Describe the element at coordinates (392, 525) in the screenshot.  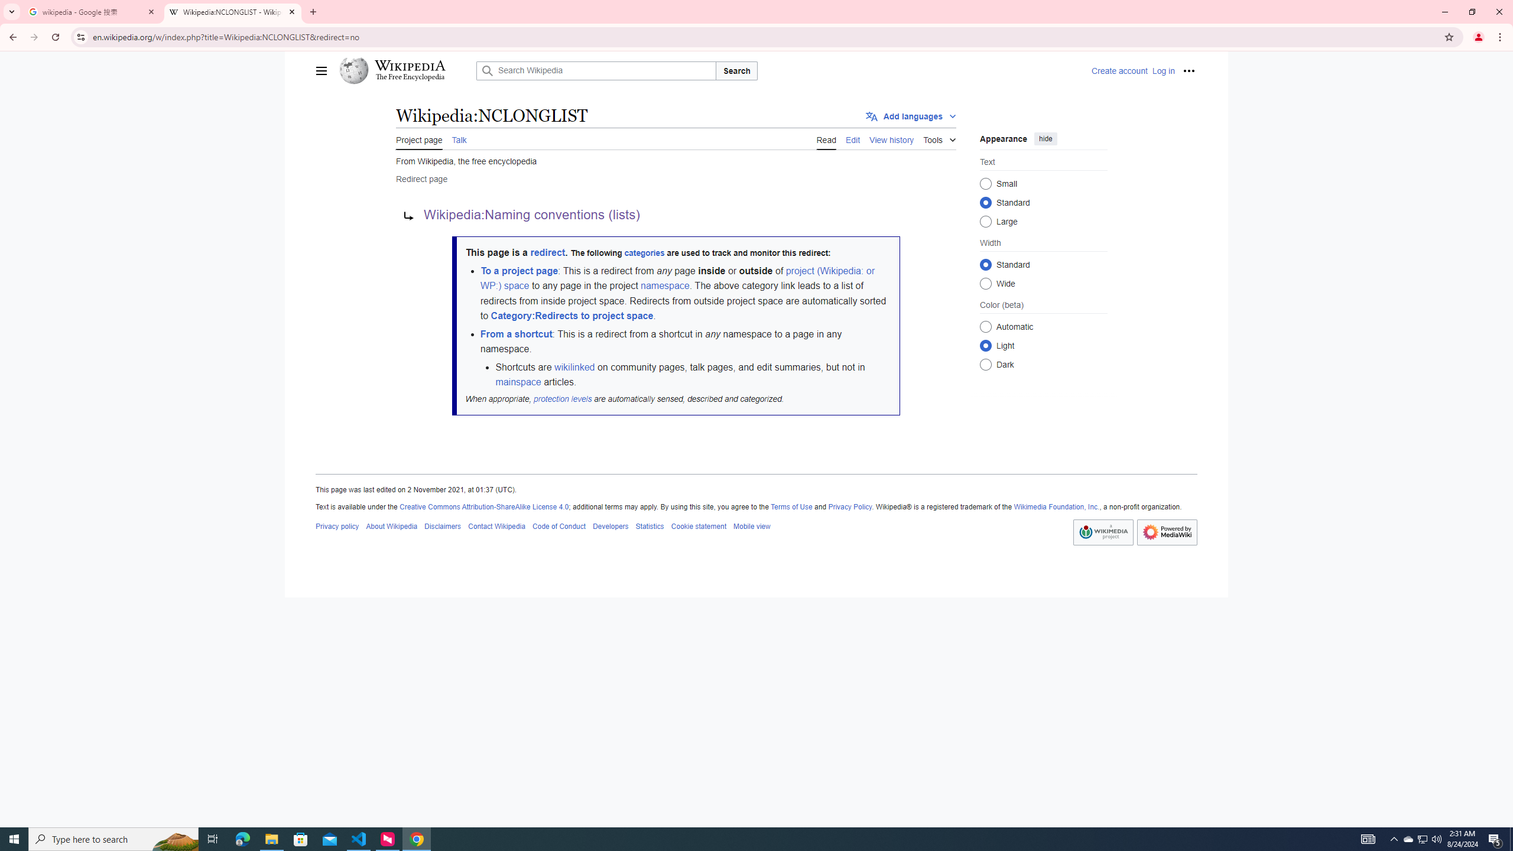
I see `'About Wikipedia'` at that location.